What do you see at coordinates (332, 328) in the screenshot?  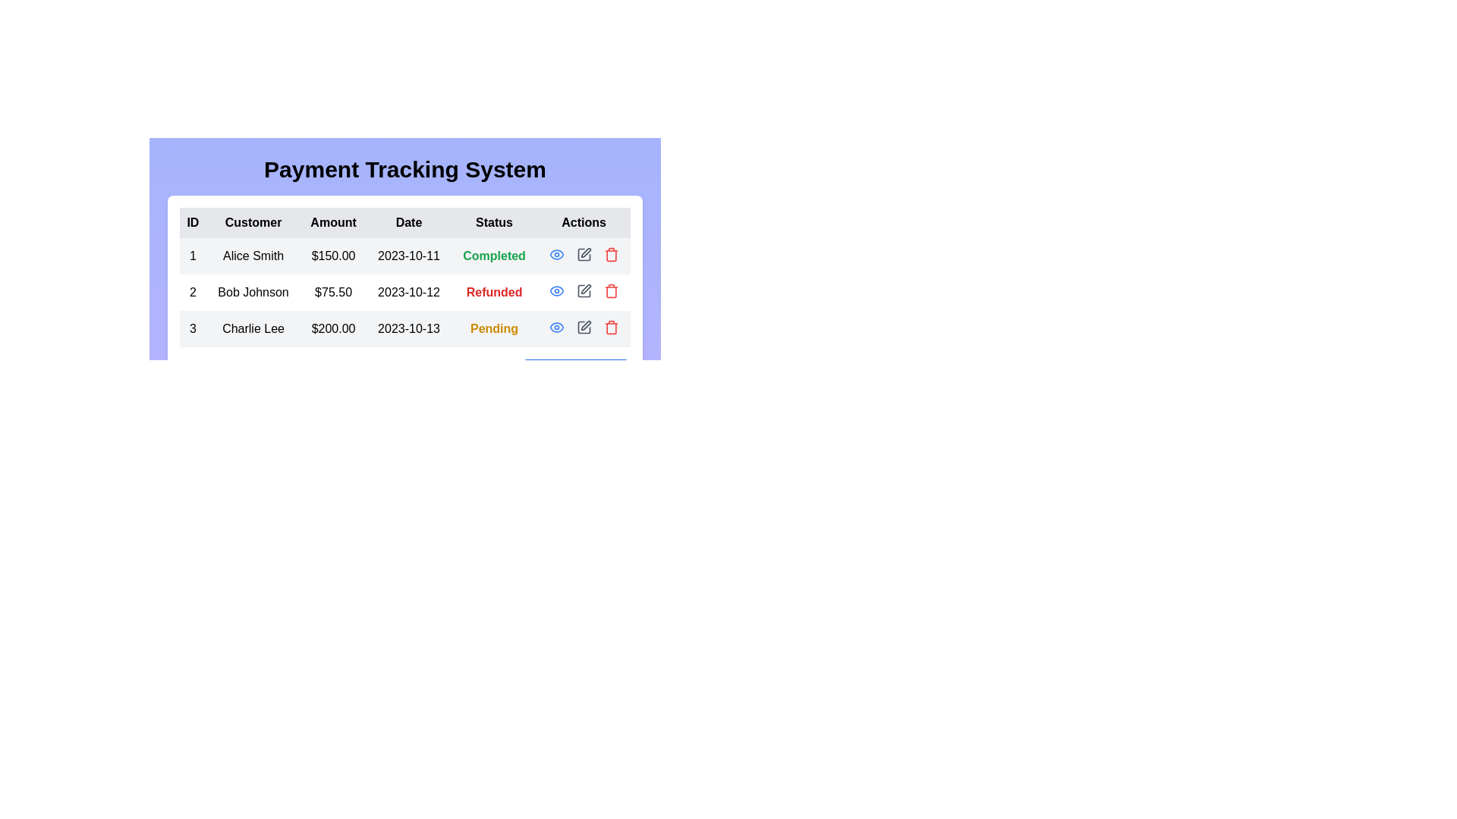 I see `the data displayed in the text element showing '$200.00'` at bounding box center [332, 328].